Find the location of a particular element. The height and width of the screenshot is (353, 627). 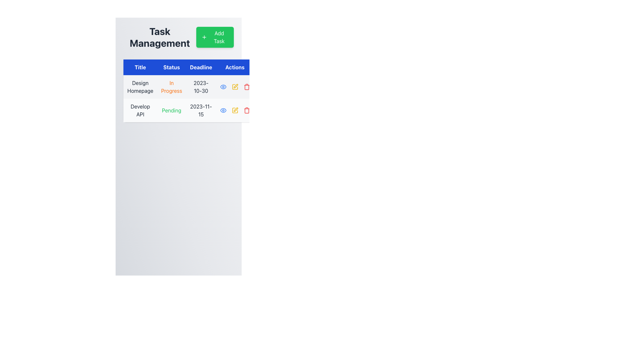

the table header cell with a blue background and white text that reads 'Title', located at the top-left corner of the table is located at coordinates (140, 67).